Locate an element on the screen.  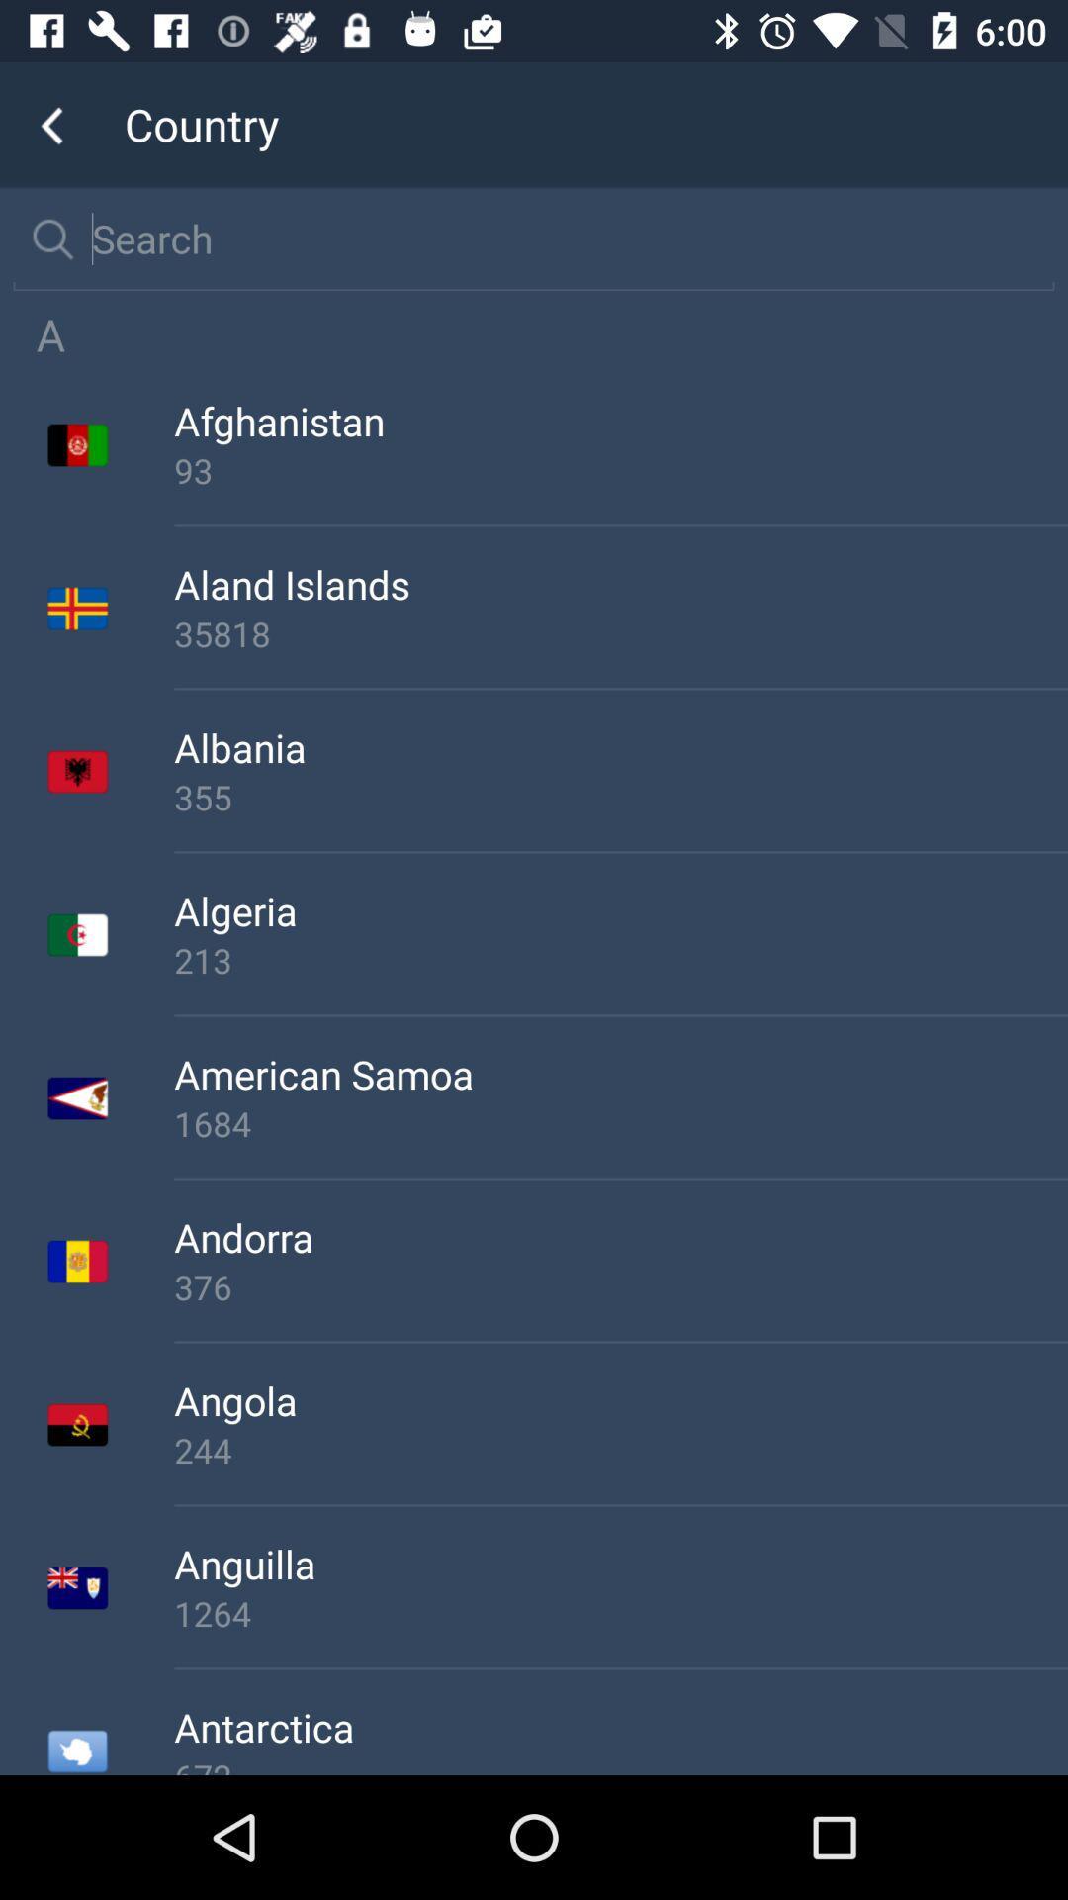
the item below angola app is located at coordinates (620, 1450).